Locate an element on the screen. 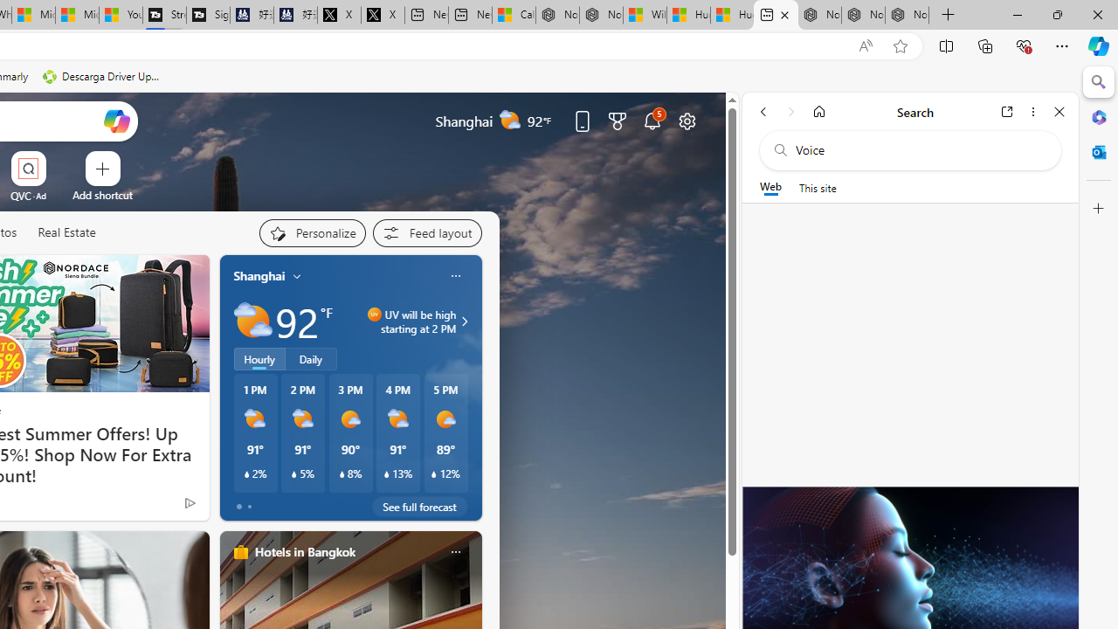 This screenshot has width=1118, height=629. 'Hourly' is located at coordinates (258, 358).